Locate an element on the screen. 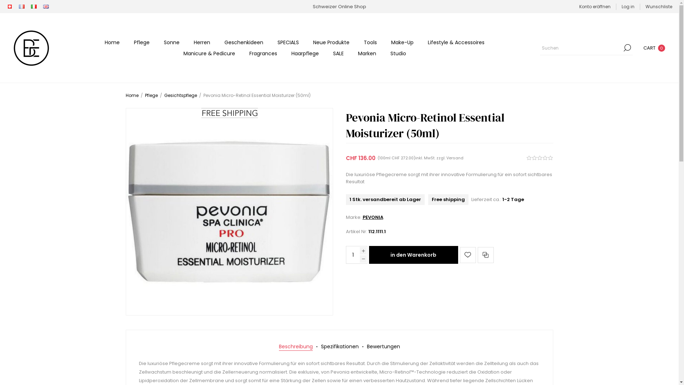  'Marken' is located at coordinates (357, 53).